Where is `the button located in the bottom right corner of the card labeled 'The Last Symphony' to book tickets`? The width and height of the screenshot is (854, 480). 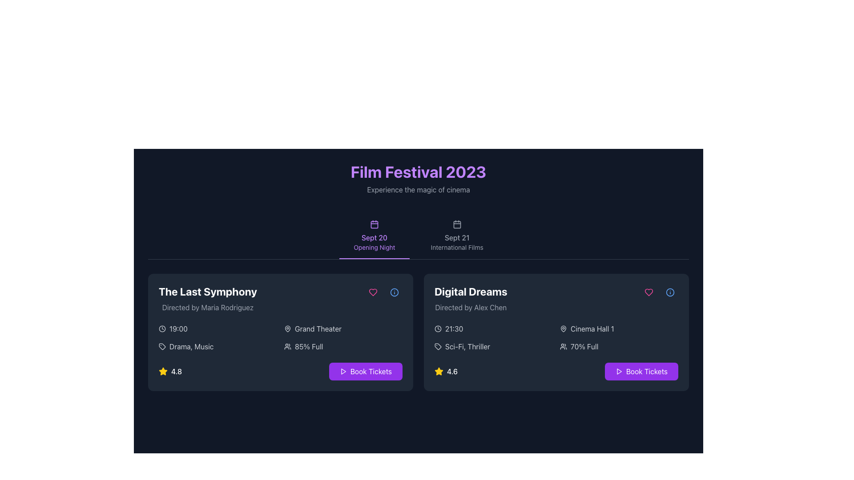
the button located in the bottom right corner of the card labeled 'The Last Symphony' to book tickets is located at coordinates (366, 372).